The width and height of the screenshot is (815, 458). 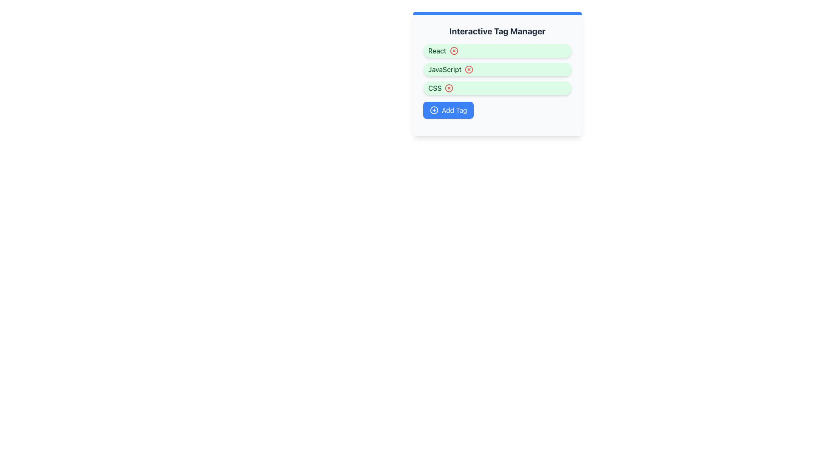 What do you see at coordinates (434, 109) in the screenshot?
I see `the icon located to the immediate left of the 'Add Tag' text within the 'Add Tag' button, which is positioned below the list of tags` at bounding box center [434, 109].